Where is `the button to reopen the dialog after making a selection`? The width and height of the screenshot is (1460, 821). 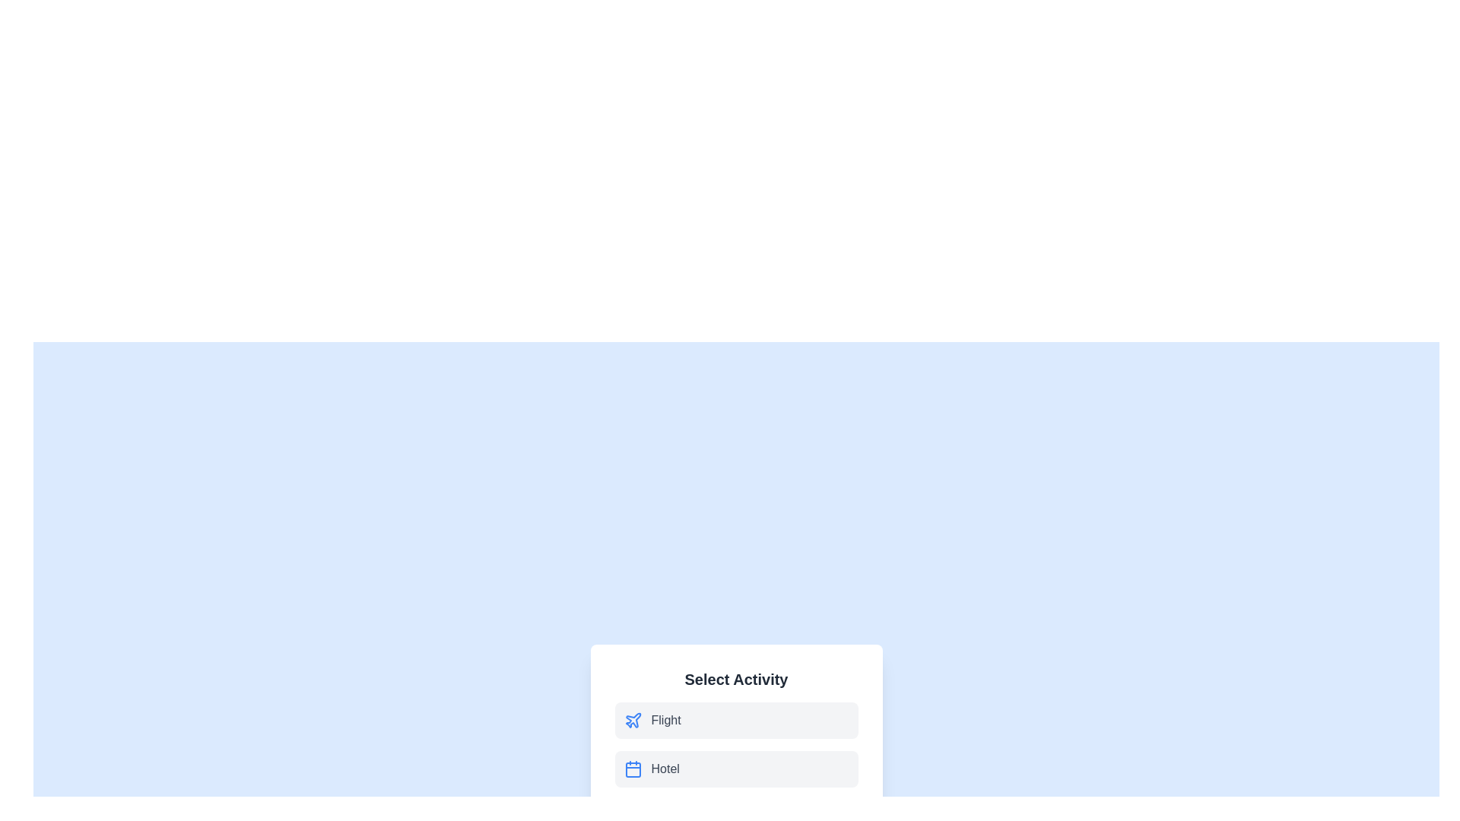 the button to reopen the dialog after making a selection is located at coordinates (736, 753).